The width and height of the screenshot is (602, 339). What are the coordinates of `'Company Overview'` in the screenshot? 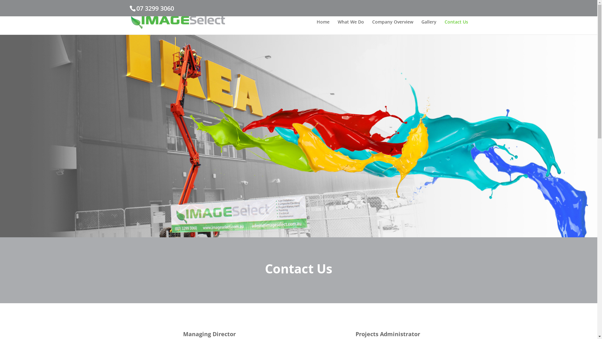 It's located at (392, 27).